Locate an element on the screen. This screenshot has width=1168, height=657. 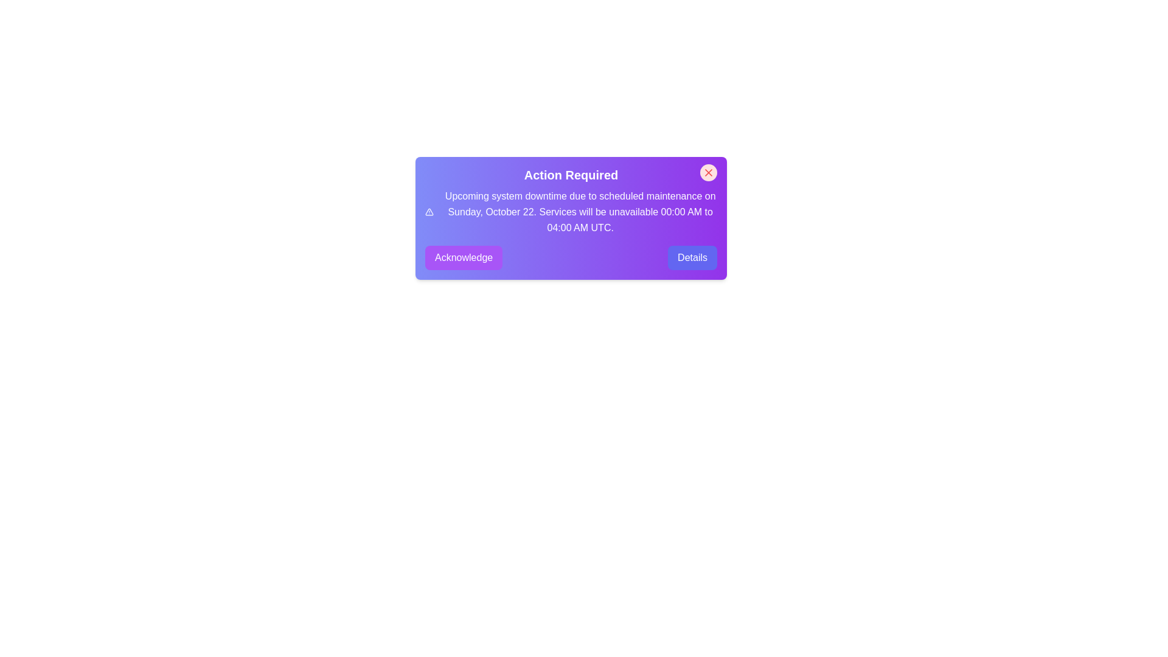
'Details' button to view more information is located at coordinates (692, 257).